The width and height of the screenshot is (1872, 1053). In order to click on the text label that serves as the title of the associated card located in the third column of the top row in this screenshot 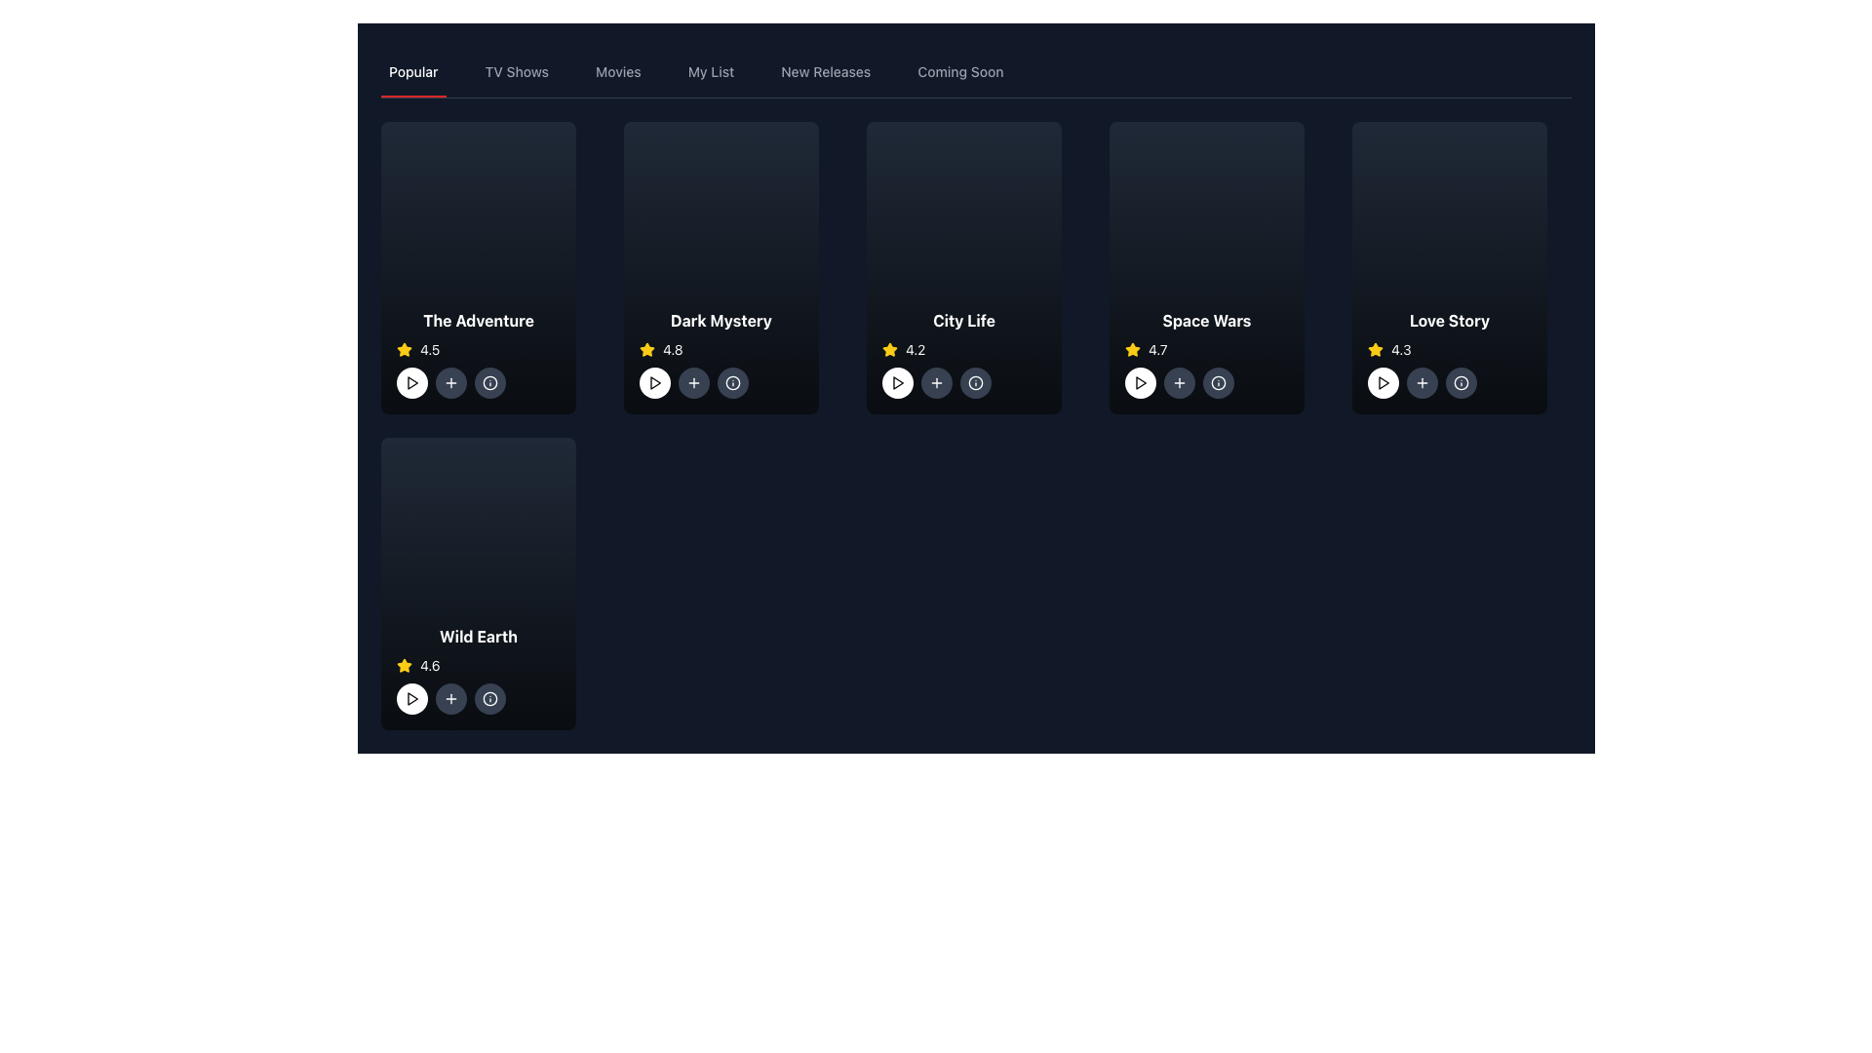, I will do `click(1206, 319)`.